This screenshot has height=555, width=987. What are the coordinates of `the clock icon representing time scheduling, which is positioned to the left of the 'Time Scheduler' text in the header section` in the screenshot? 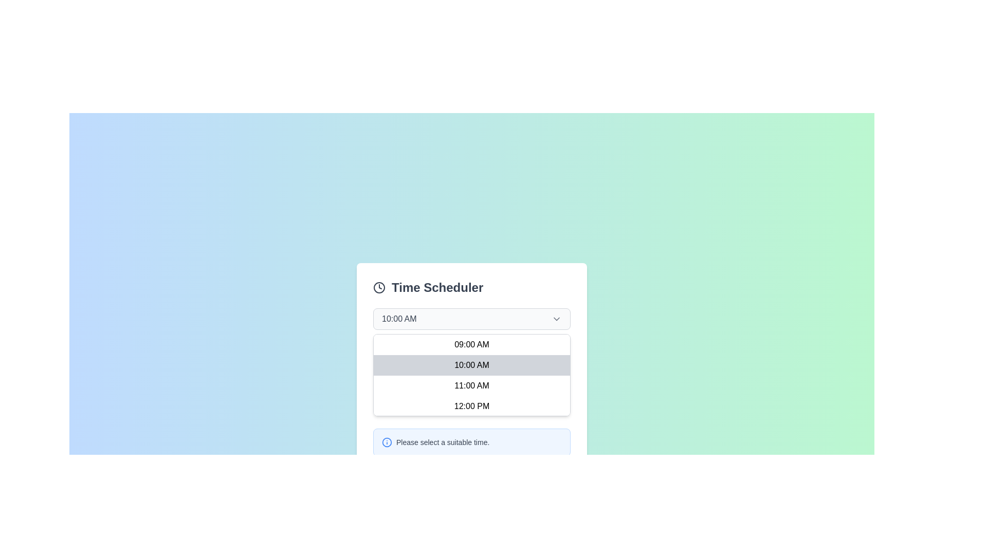 It's located at (379, 287).